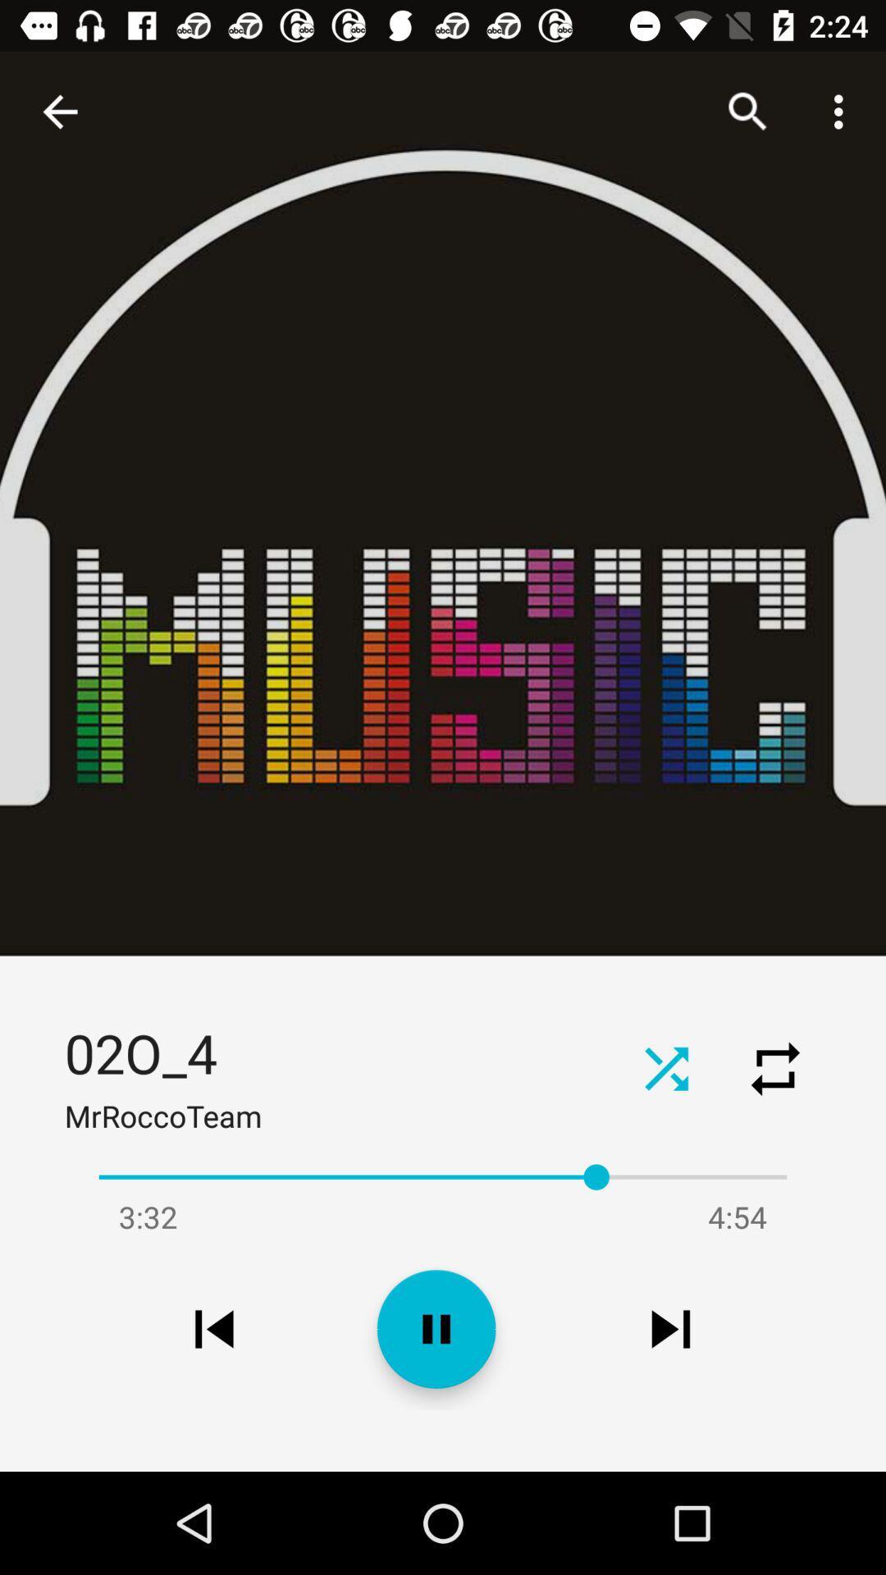  What do you see at coordinates (436, 1329) in the screenshot?
I see `the pause icon` at bounding box center [436, 1329].